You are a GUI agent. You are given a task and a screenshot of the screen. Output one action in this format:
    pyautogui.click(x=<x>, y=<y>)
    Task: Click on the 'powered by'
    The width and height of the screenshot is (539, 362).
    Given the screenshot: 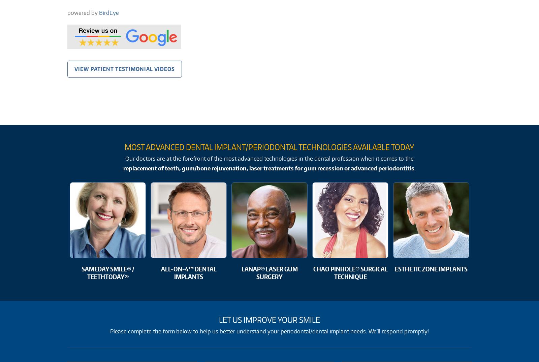 What is the action you would take?
    pyautogui.click(x=83, y=12)
    